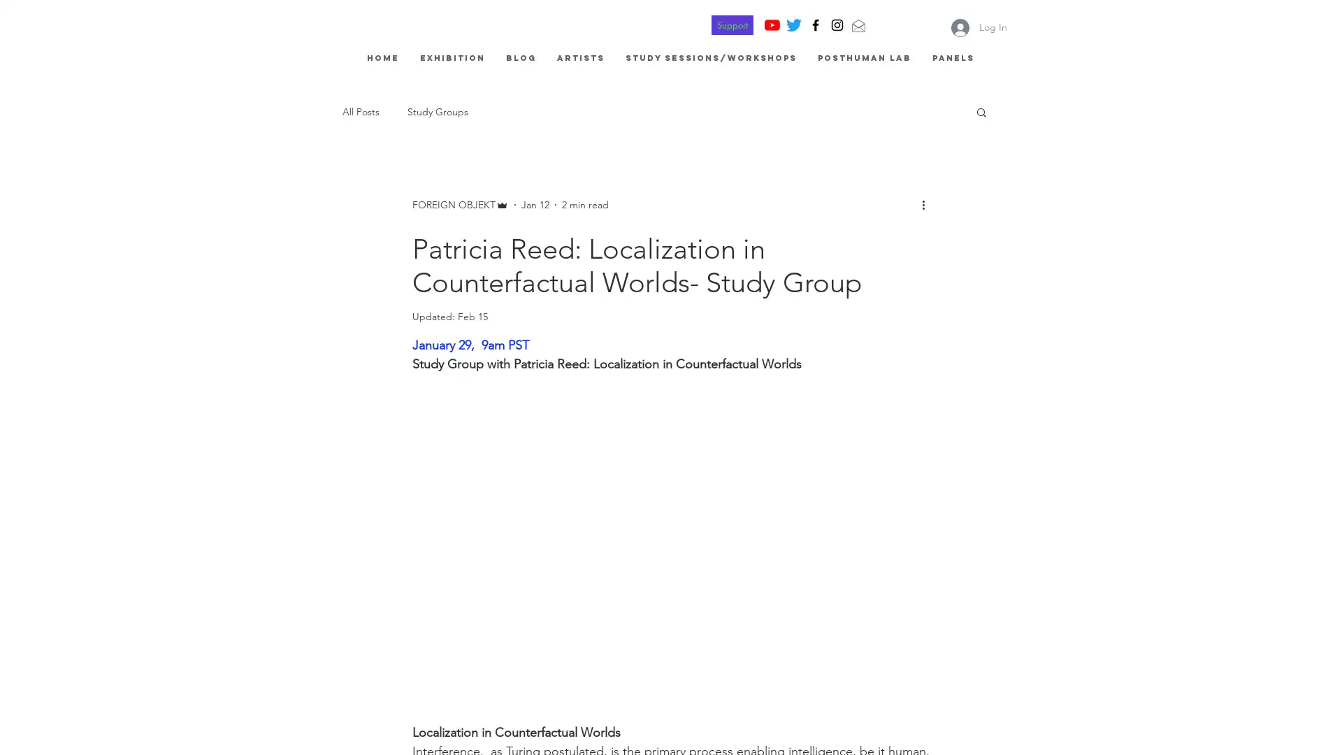 Image resolution: width=1342 pixels, height=755 pixels. What do you see at coordinates (437, 110) in the screenshot?
I see `Study Groups` at bounding box center [437, 110].